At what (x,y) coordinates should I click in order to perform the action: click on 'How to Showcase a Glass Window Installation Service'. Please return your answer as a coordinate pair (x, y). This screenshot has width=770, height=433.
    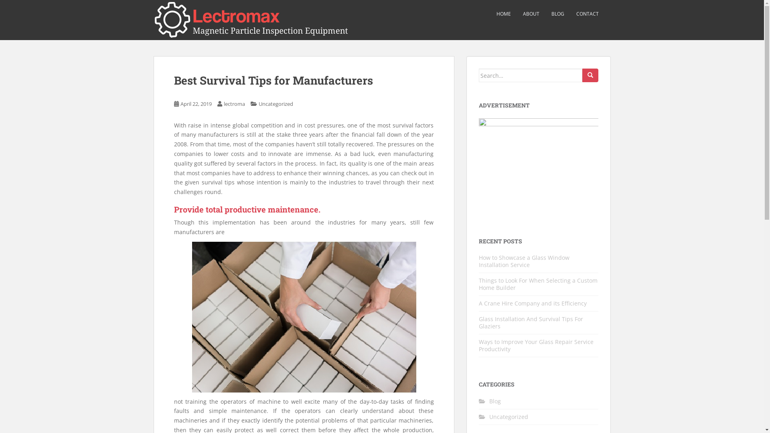
    Looking at the image, I should click on (524, 261).